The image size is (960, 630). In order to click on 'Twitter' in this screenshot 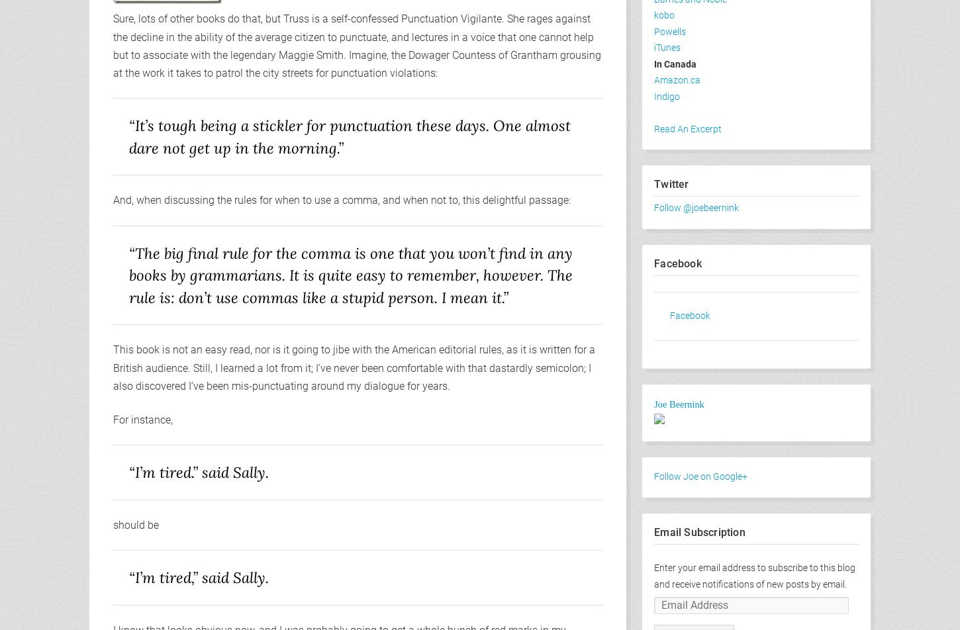, I will do `click(654, 184)`.